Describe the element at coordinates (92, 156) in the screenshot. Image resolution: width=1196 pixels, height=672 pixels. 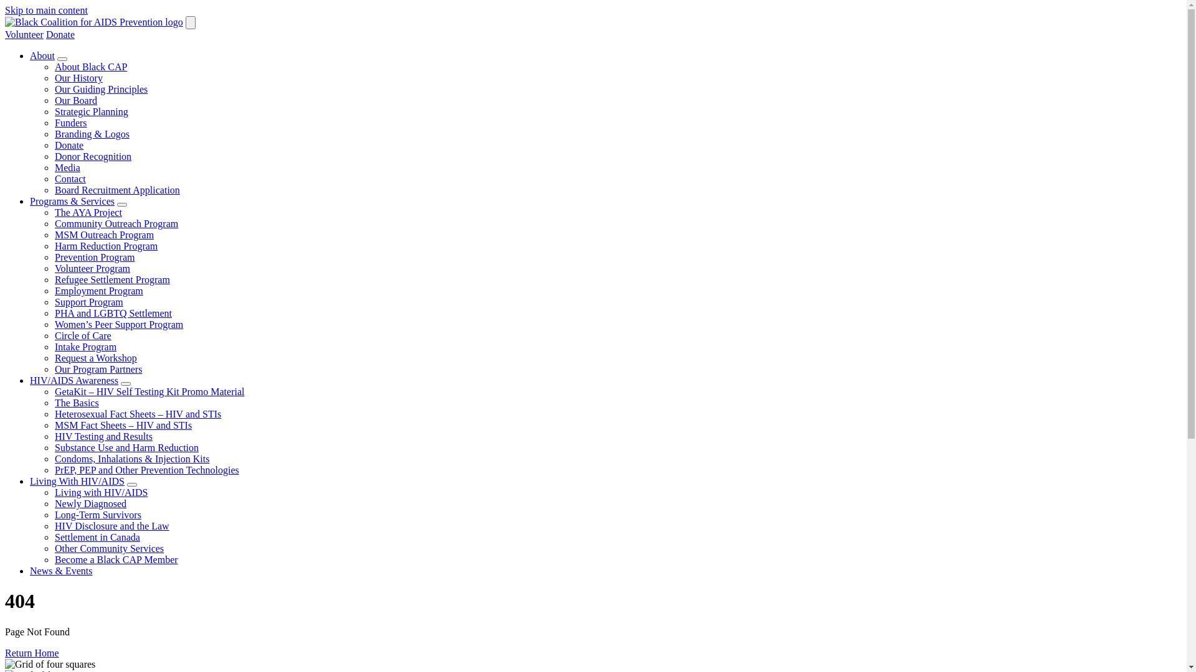
I see `'Donor Recognition'` at that location.